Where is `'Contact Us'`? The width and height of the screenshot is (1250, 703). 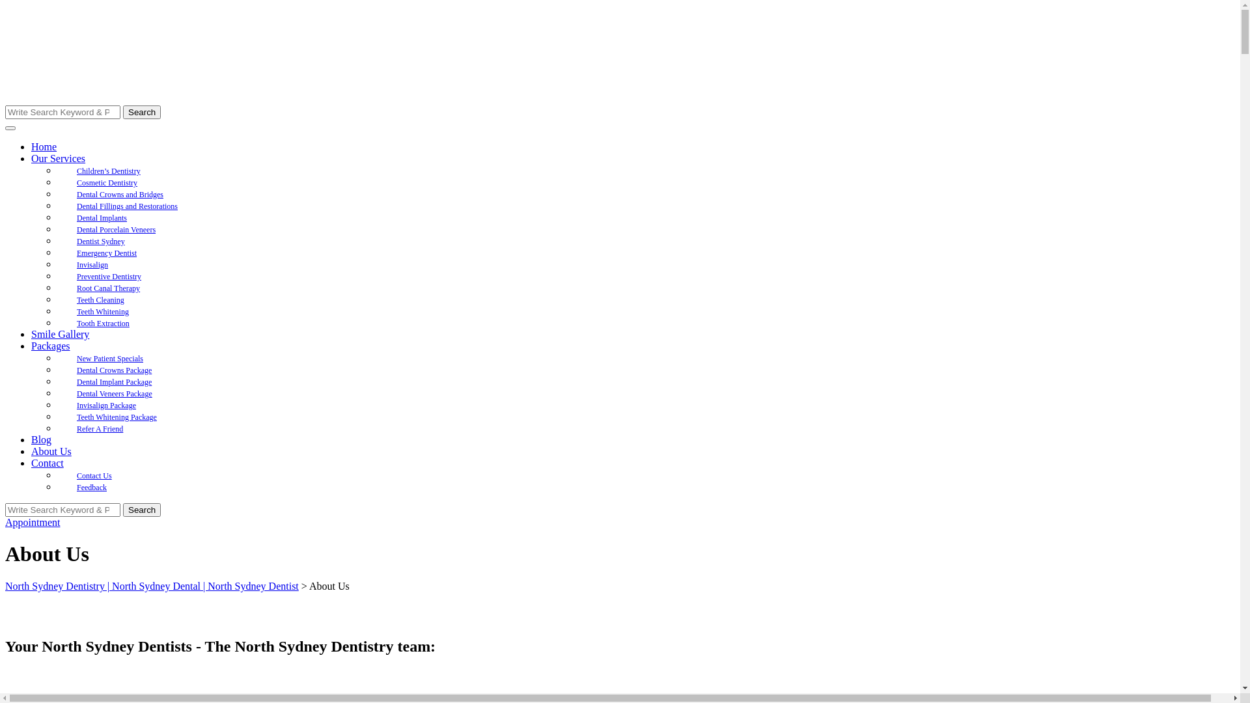
'Contact Us' is located at coordinates (56, 476).